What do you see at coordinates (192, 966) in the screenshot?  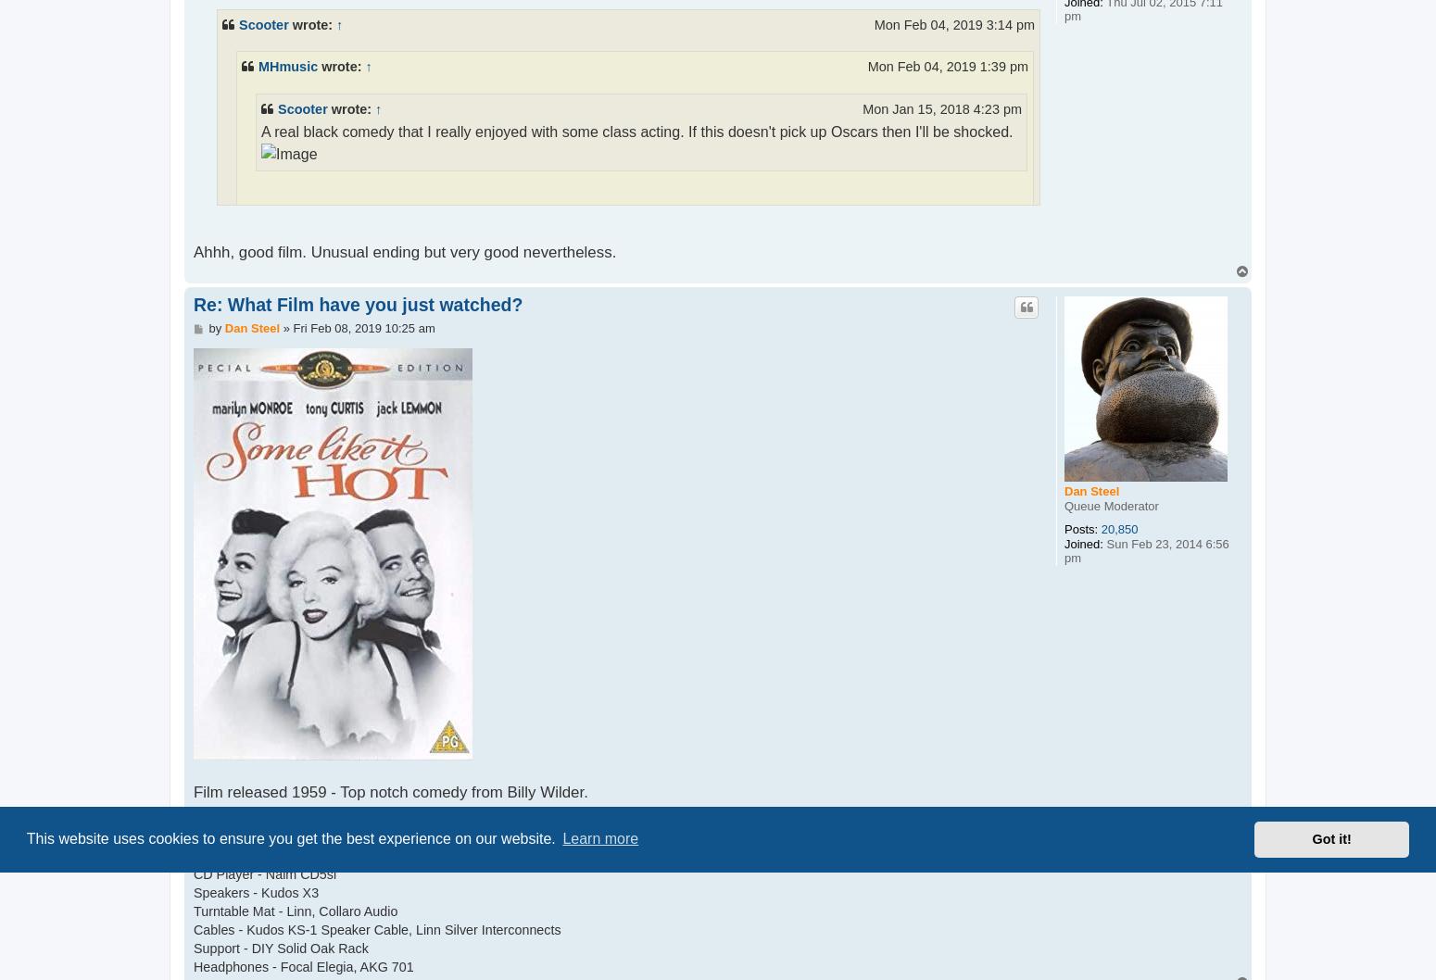 I see `'Headphones - Focal Elegia, AKG 701'` at bounding box center [192, 966].